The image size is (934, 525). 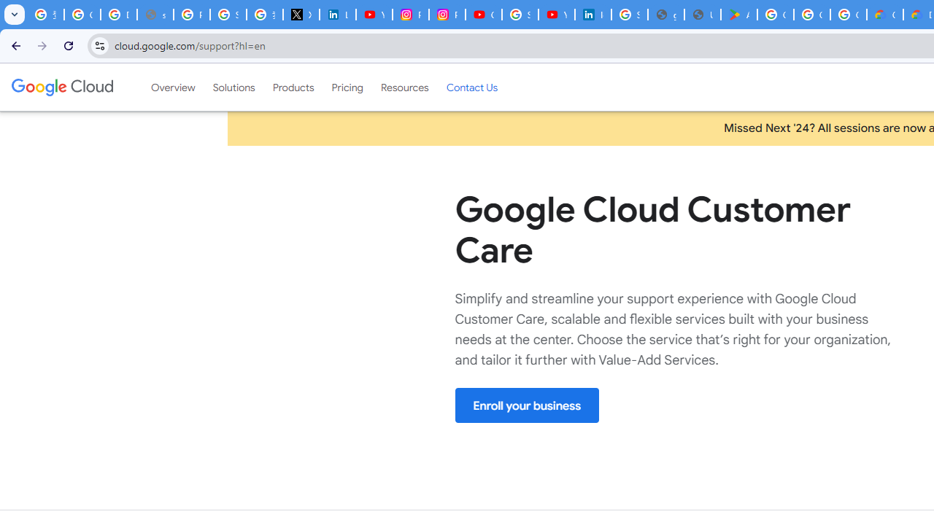 What do you see at coordinates (347, 87) in the screenshot?
I see `'Pricing'` at bounding box center [347, 87].